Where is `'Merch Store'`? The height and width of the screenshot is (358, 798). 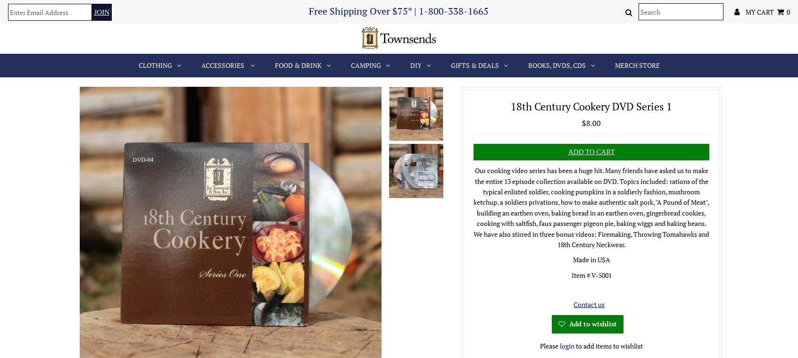 'Merch Store' is located at coordinates (637, 65).